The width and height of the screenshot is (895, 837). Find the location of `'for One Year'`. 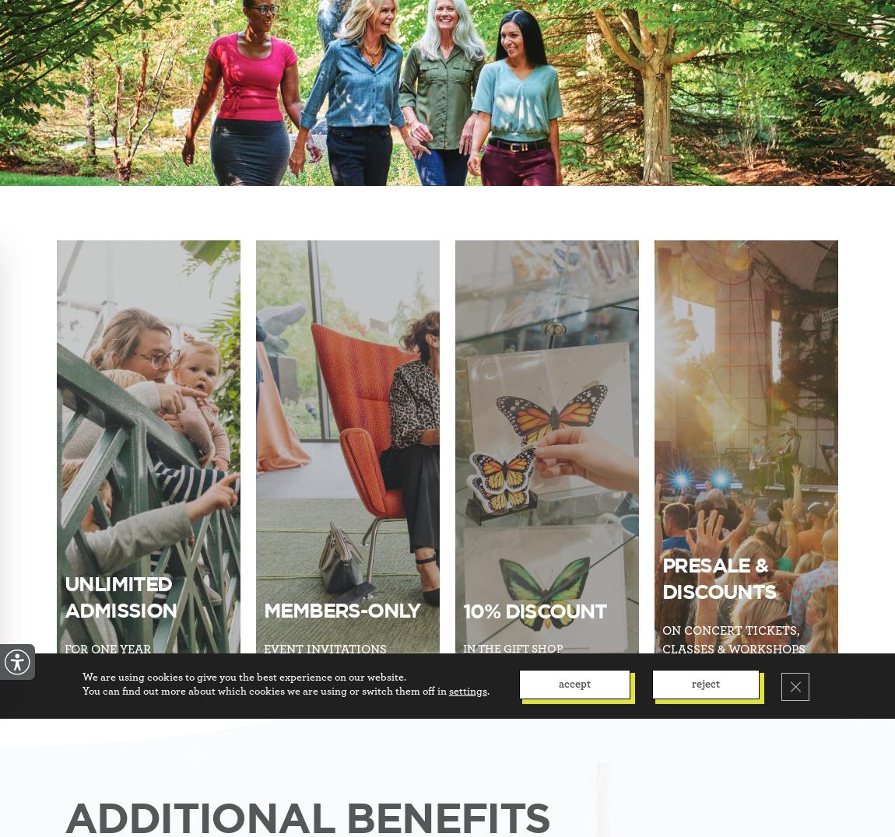

'for One Year' is located at coordinates (107, 648).